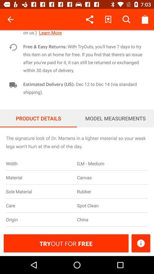 This screenshot has width=154, height=274. What do you see at coordinates (145, 19) in the screenshot?
I see `item above the how tryouts work item` at bounding box center [145, 19].